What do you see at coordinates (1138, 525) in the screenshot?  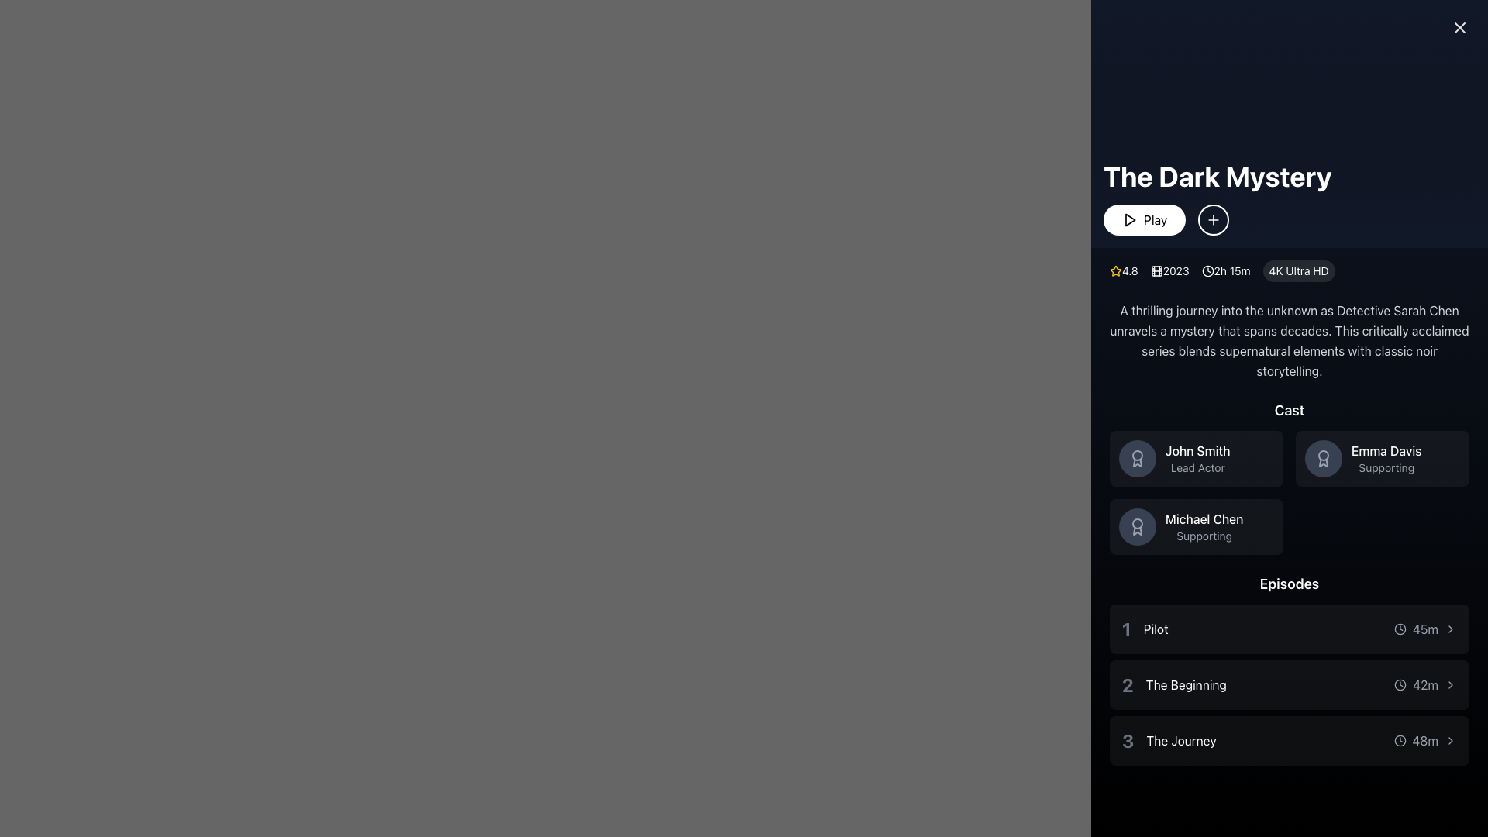 I see `the decorative icon with a dark gray background and light gray award ribbon outline, located at the top left corner of the card for 'Michael Chen' in the Cast section` at bounding box center [1138, 525].